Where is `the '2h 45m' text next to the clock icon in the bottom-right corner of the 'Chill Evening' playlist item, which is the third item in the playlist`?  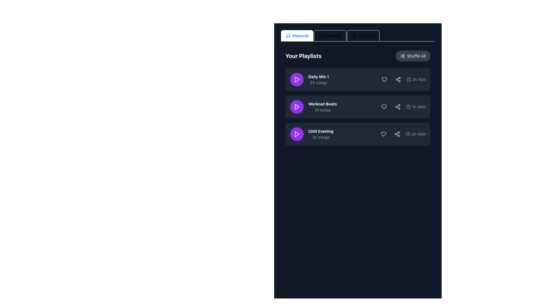 the '2h 45m' text next to the clock icon in the bottom-right corner of the 'Chill Evening' playlist item, which is the third item in the playlist is located at coordinates (416, 134).